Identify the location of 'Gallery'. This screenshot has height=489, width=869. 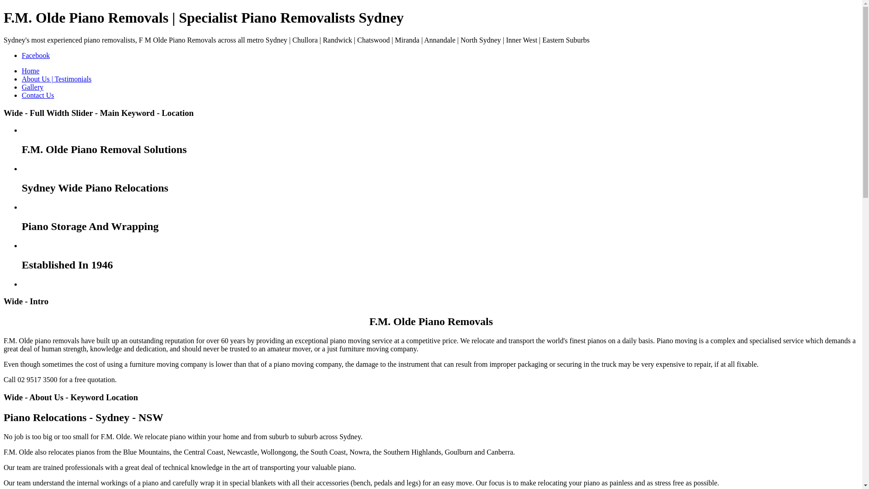
(33, 87).